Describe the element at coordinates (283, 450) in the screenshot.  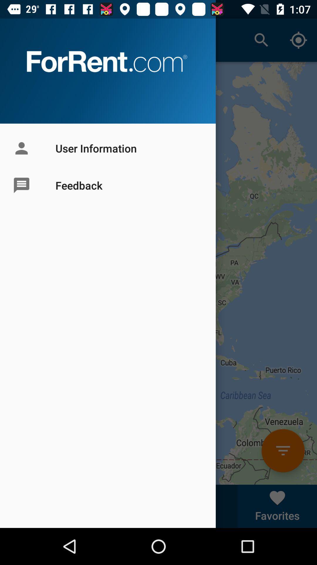
I see `wi if` at that location.